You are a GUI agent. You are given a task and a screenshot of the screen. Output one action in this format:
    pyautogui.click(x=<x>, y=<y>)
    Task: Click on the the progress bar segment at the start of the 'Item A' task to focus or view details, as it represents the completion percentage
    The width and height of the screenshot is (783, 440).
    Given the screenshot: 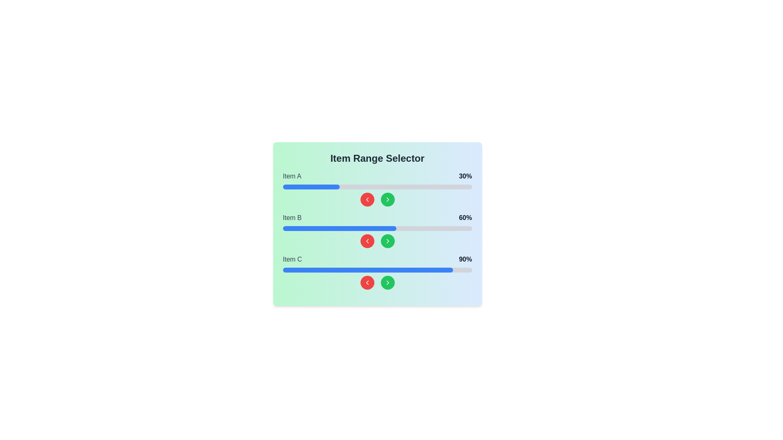 What is the action you would take?
    pyautogui.click(x=311, y=187)
    